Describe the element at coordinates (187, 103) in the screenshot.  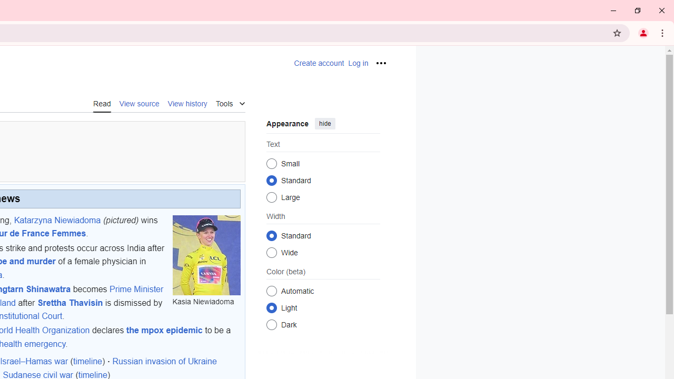
I see `'AutomationID: ca-history'` at that location.